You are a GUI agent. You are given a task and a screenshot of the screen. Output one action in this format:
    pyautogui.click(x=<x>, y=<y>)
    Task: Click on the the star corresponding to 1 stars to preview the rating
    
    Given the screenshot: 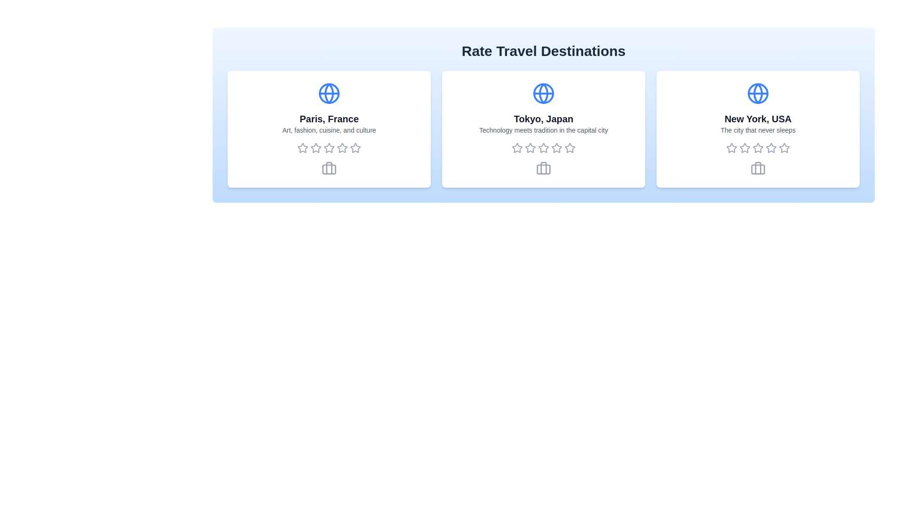 What is the action you would take?
    pyautogui.click(x=302, y=148)
    